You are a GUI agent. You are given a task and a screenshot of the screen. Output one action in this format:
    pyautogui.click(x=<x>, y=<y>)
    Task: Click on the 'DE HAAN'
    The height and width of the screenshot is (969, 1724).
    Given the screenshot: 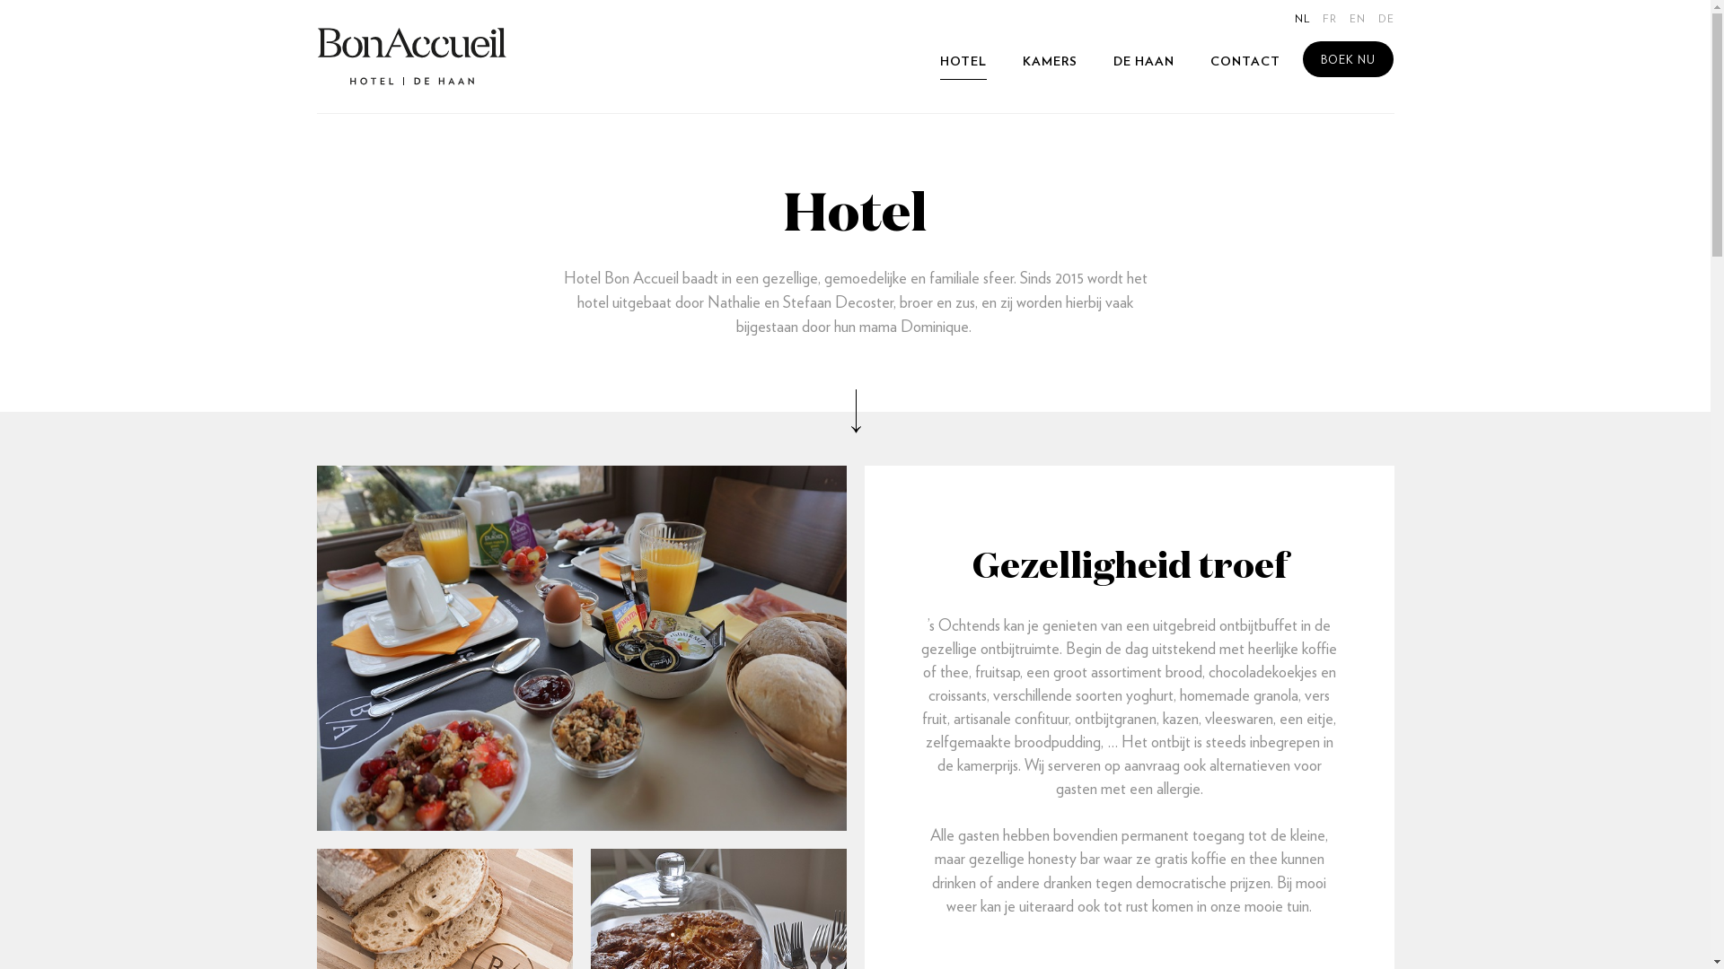 What is the action you would take?
    pyautogui.click(x=1142, y=61)
    